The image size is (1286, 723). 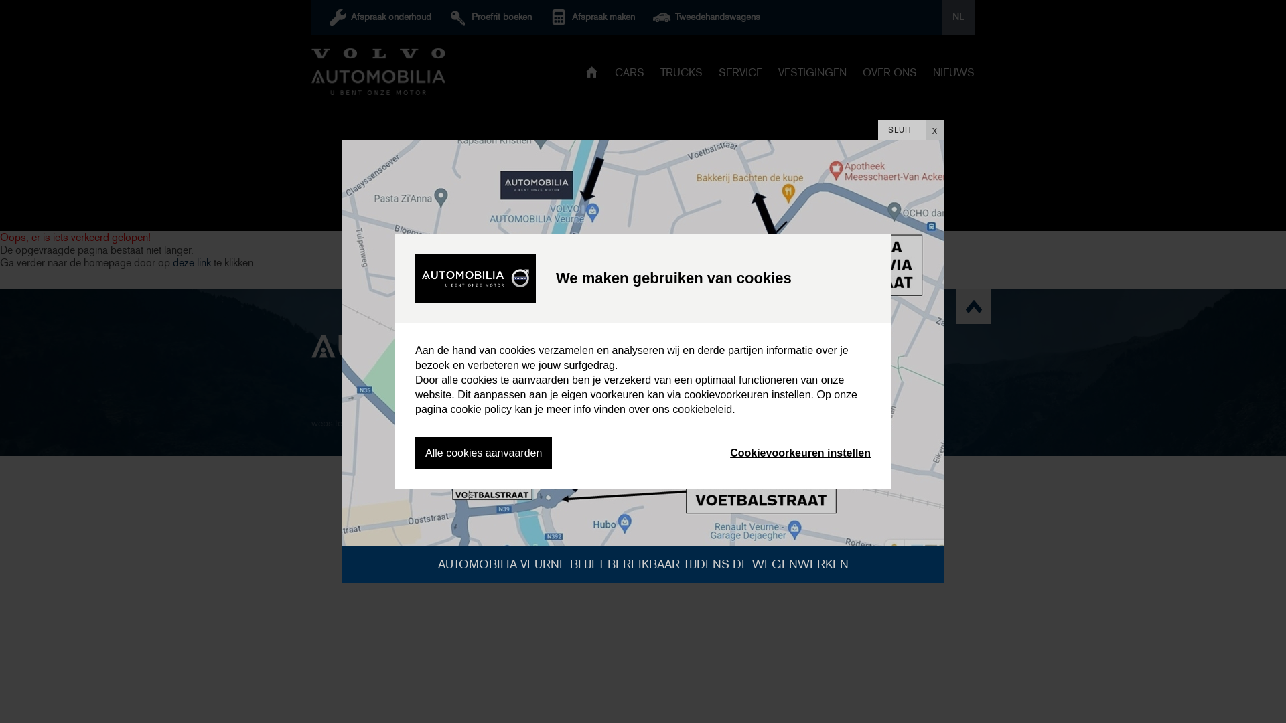 I want to click on 'Alle cookies aanvaarden', so click(x=482, y=453).